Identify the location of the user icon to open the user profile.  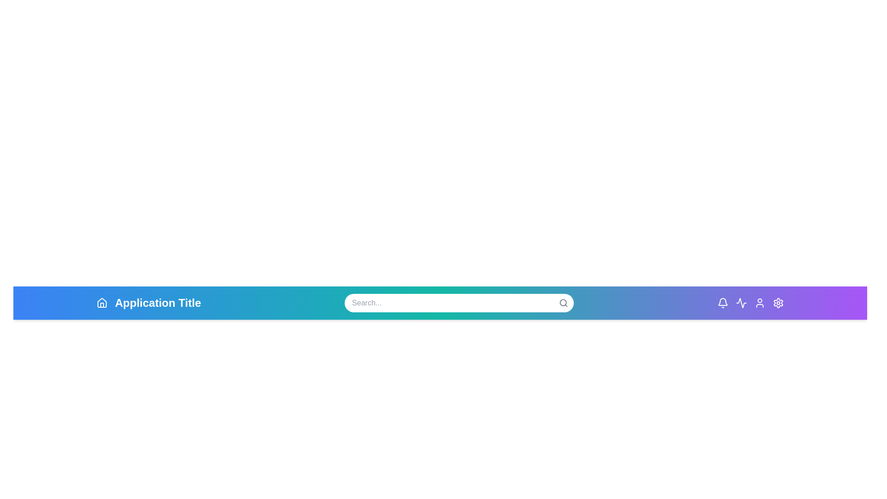
(760, 303).